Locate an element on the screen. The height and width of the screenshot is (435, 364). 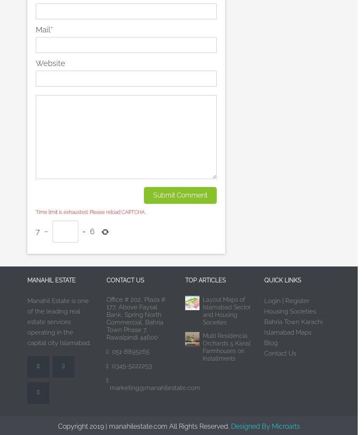
'0345-5222253' is located at coordinates (130, 365).